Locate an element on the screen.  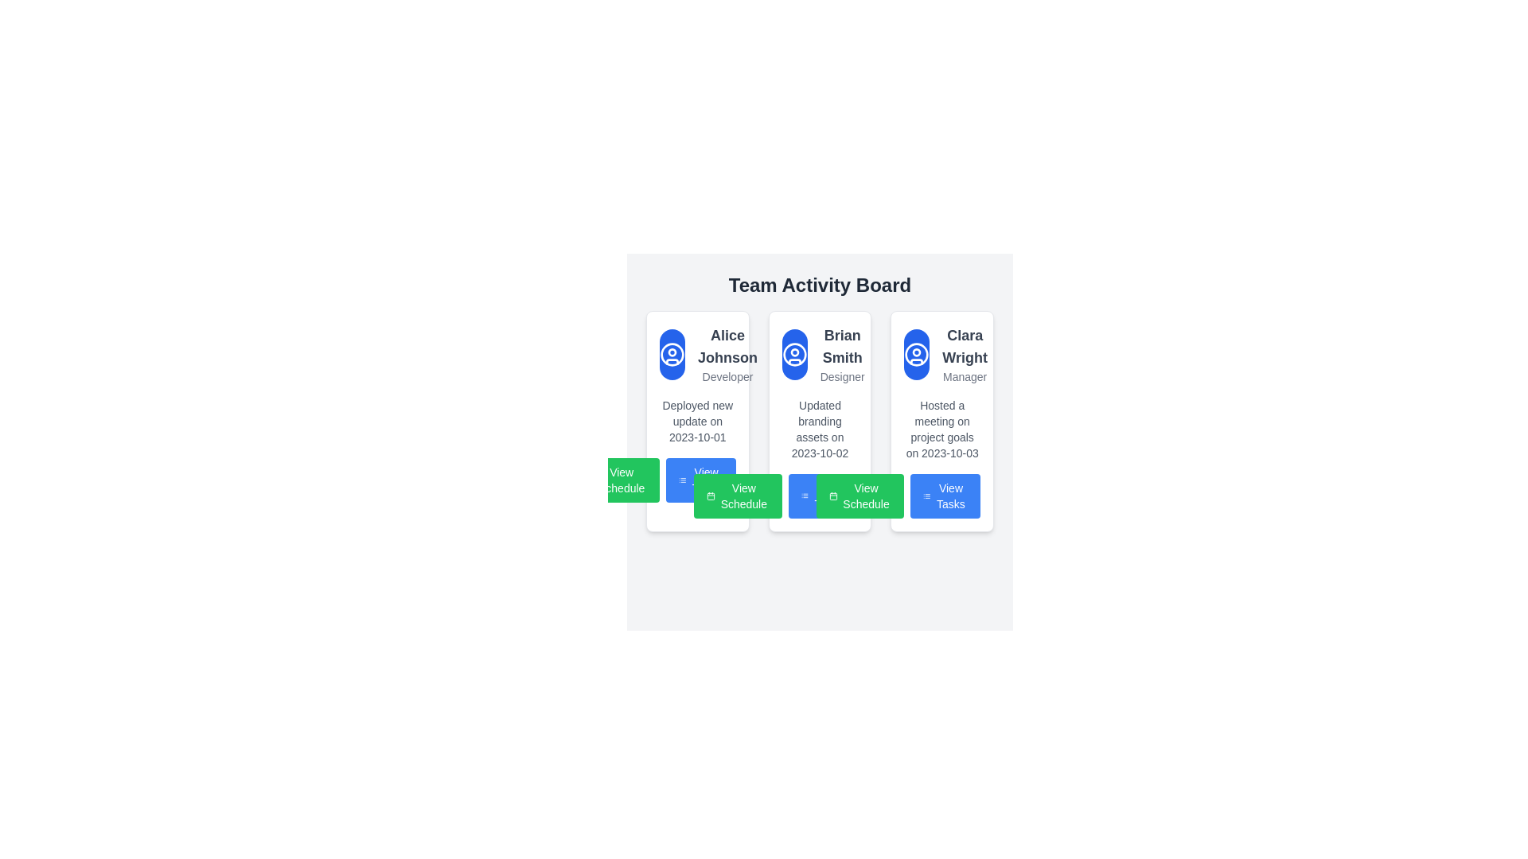
the icon button representing manager Clara Wright, located in the third card of the grid layout under the 'Team Activity Board' heading, above the text 'Clara Wright' and 'Manager' is located at coordinates (917, 354).